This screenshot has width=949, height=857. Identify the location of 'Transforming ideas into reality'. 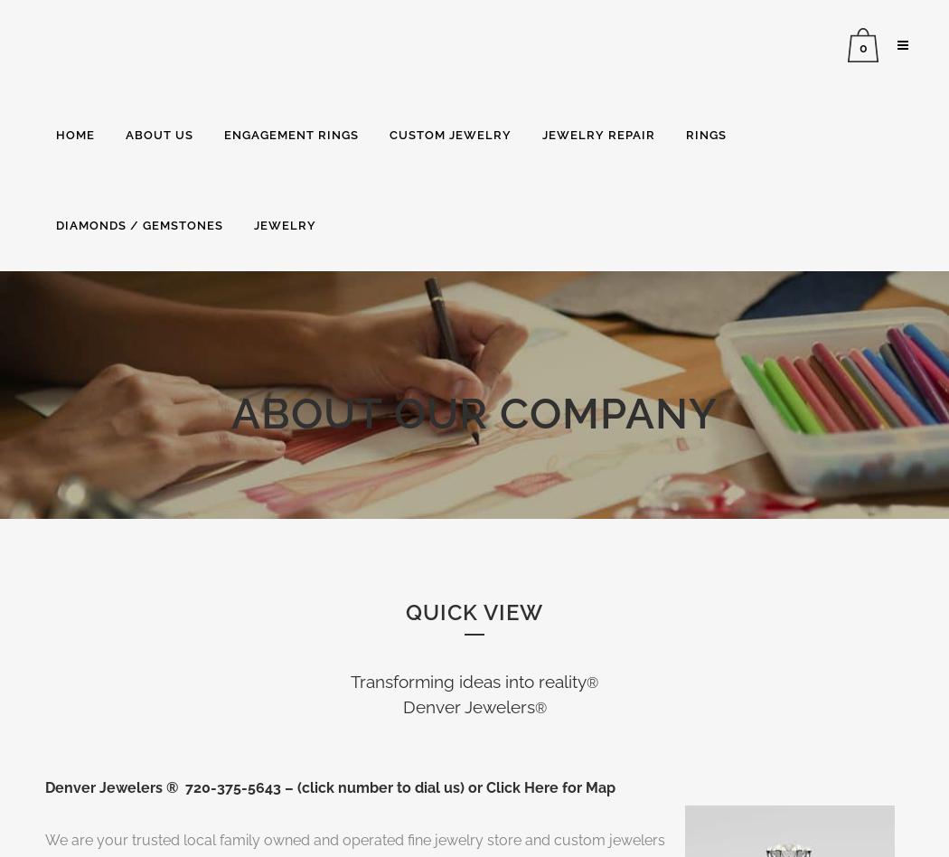
(467, 680).